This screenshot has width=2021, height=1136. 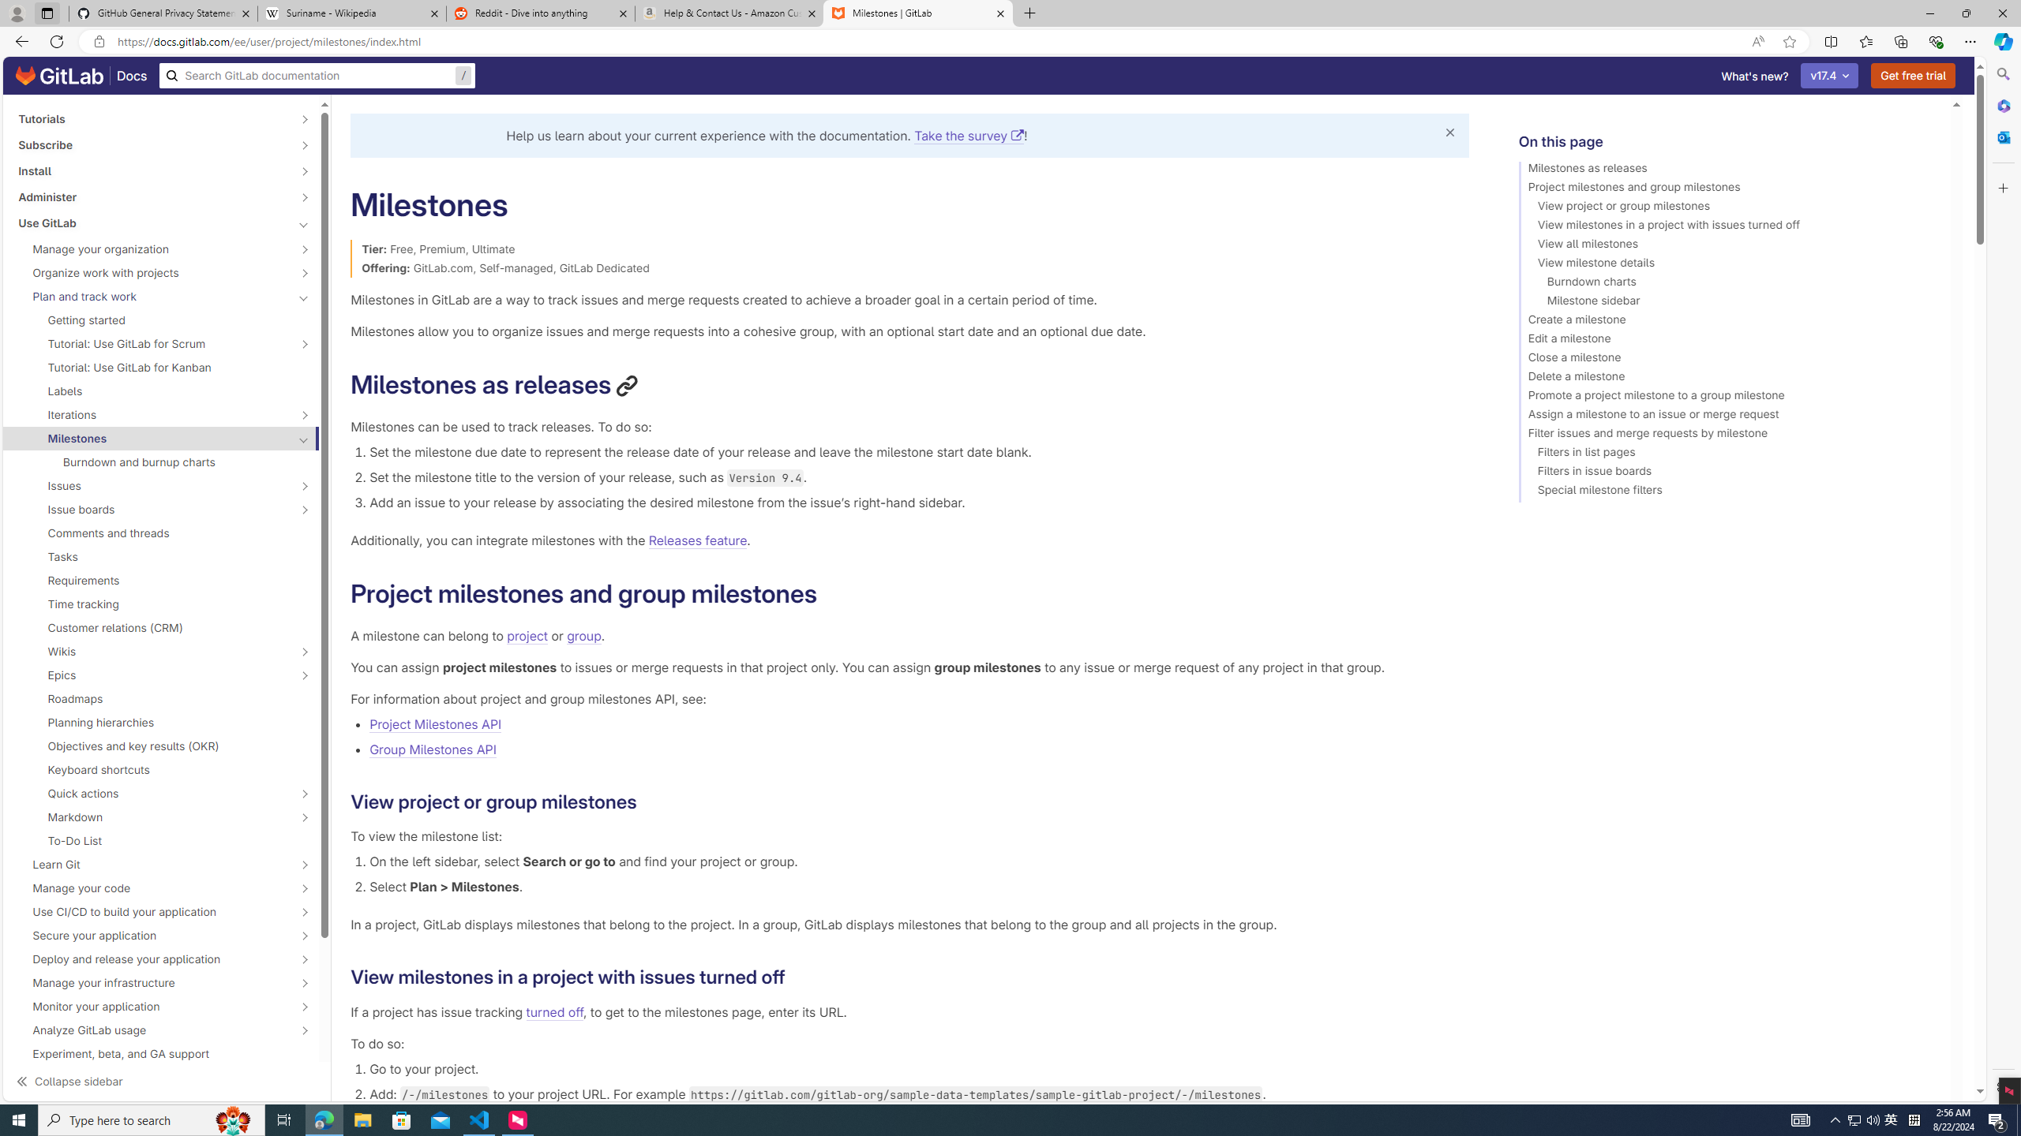 I want to click on 'Roadmaps', so click(x=160, y=698).